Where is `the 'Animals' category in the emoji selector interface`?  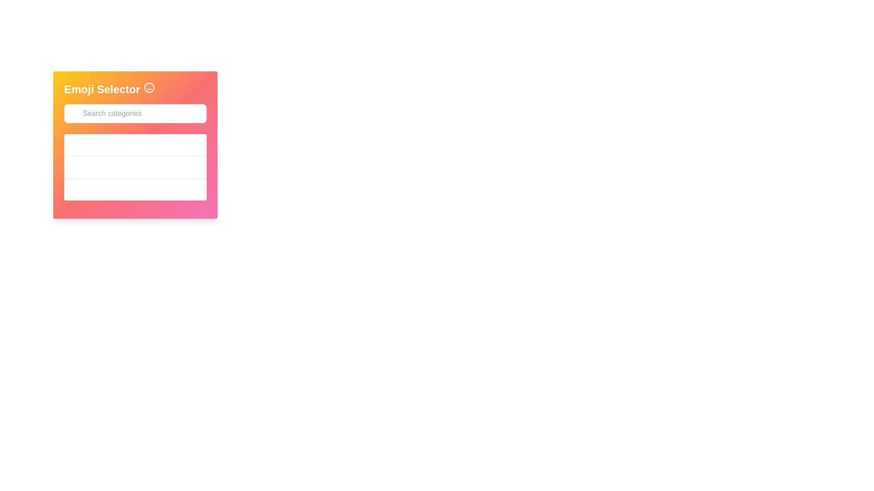
the 'Animals' category in the emoji selector interface is located at coordinates (135, 167).